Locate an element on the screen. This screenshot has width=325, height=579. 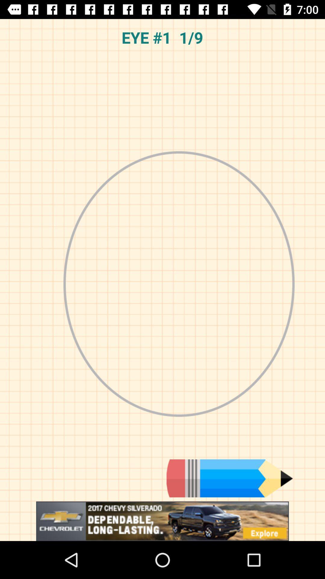
pencil option is located at coordinates (230, 478).